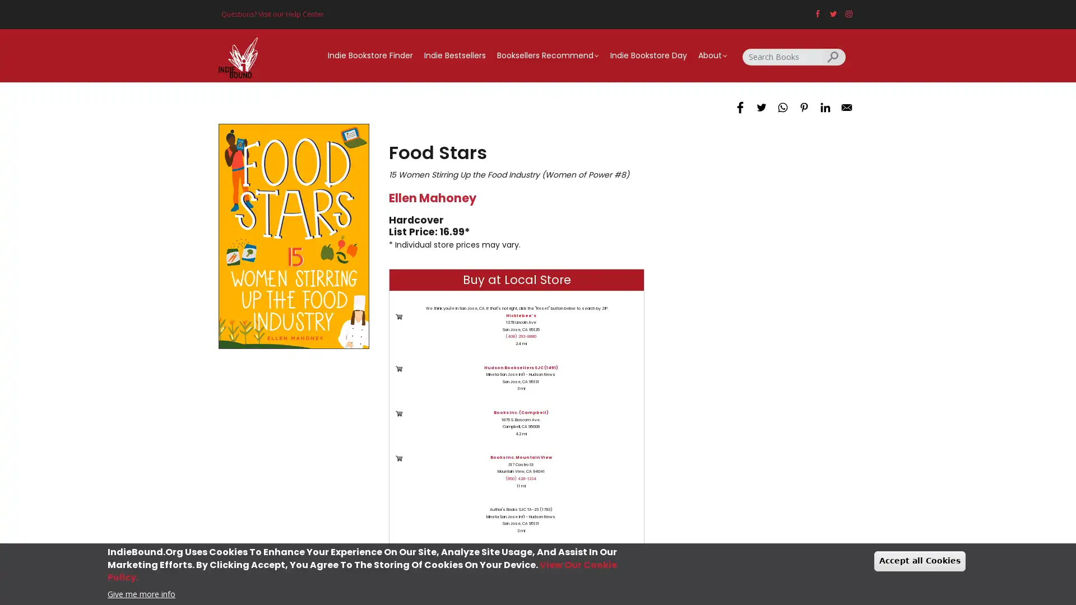  I want to click on Accept all Cookies, so click(920, 561).